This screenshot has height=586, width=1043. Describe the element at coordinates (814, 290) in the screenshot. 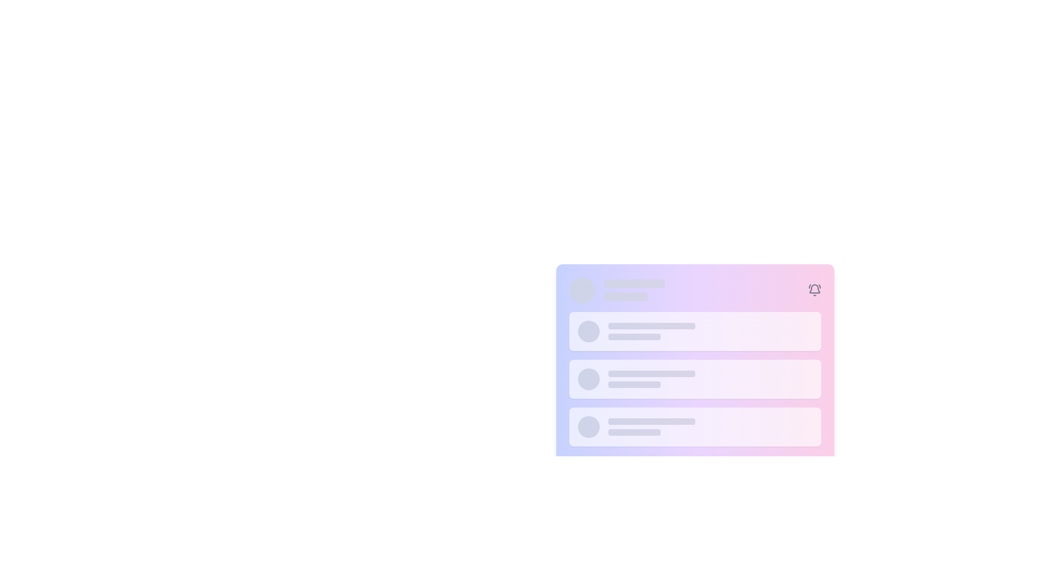

I see `the notification bell icon, which has a thin outline and a gray fill, located at the upper-right corner of the panel with a gradient purple-pink background` at that location.